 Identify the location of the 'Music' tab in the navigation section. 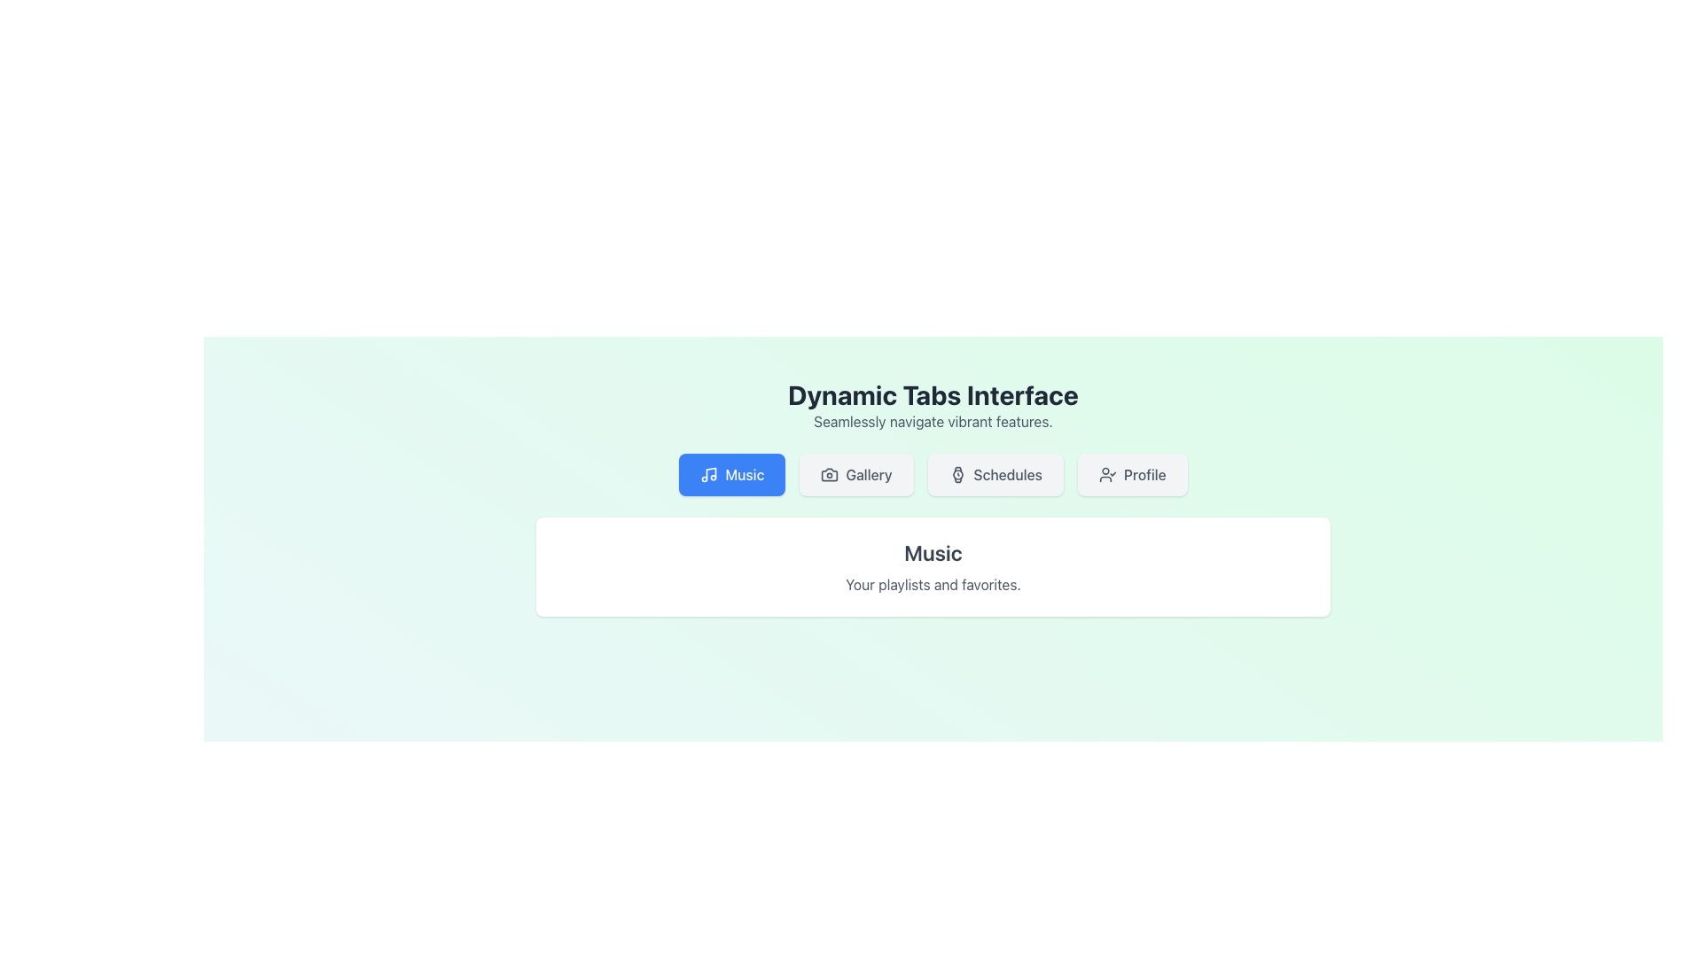
(745, 474).